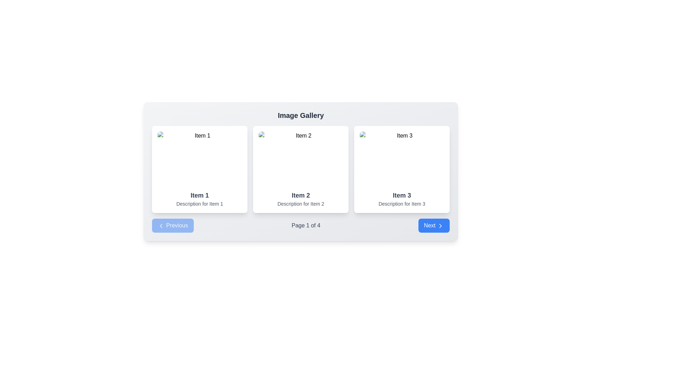  Describe the element at coordinates (402, 204) in the screenshot. I see `the text label that presents 'Description for Item 3', which is centrally aligned beneath the title 'Item 3' in a gray color theme` at that location.